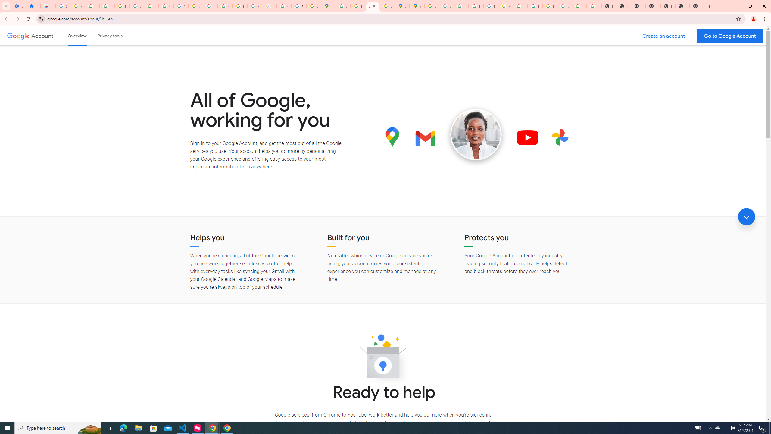  I want to click on 'Sign in - Google Accounts', so click(62, 6).